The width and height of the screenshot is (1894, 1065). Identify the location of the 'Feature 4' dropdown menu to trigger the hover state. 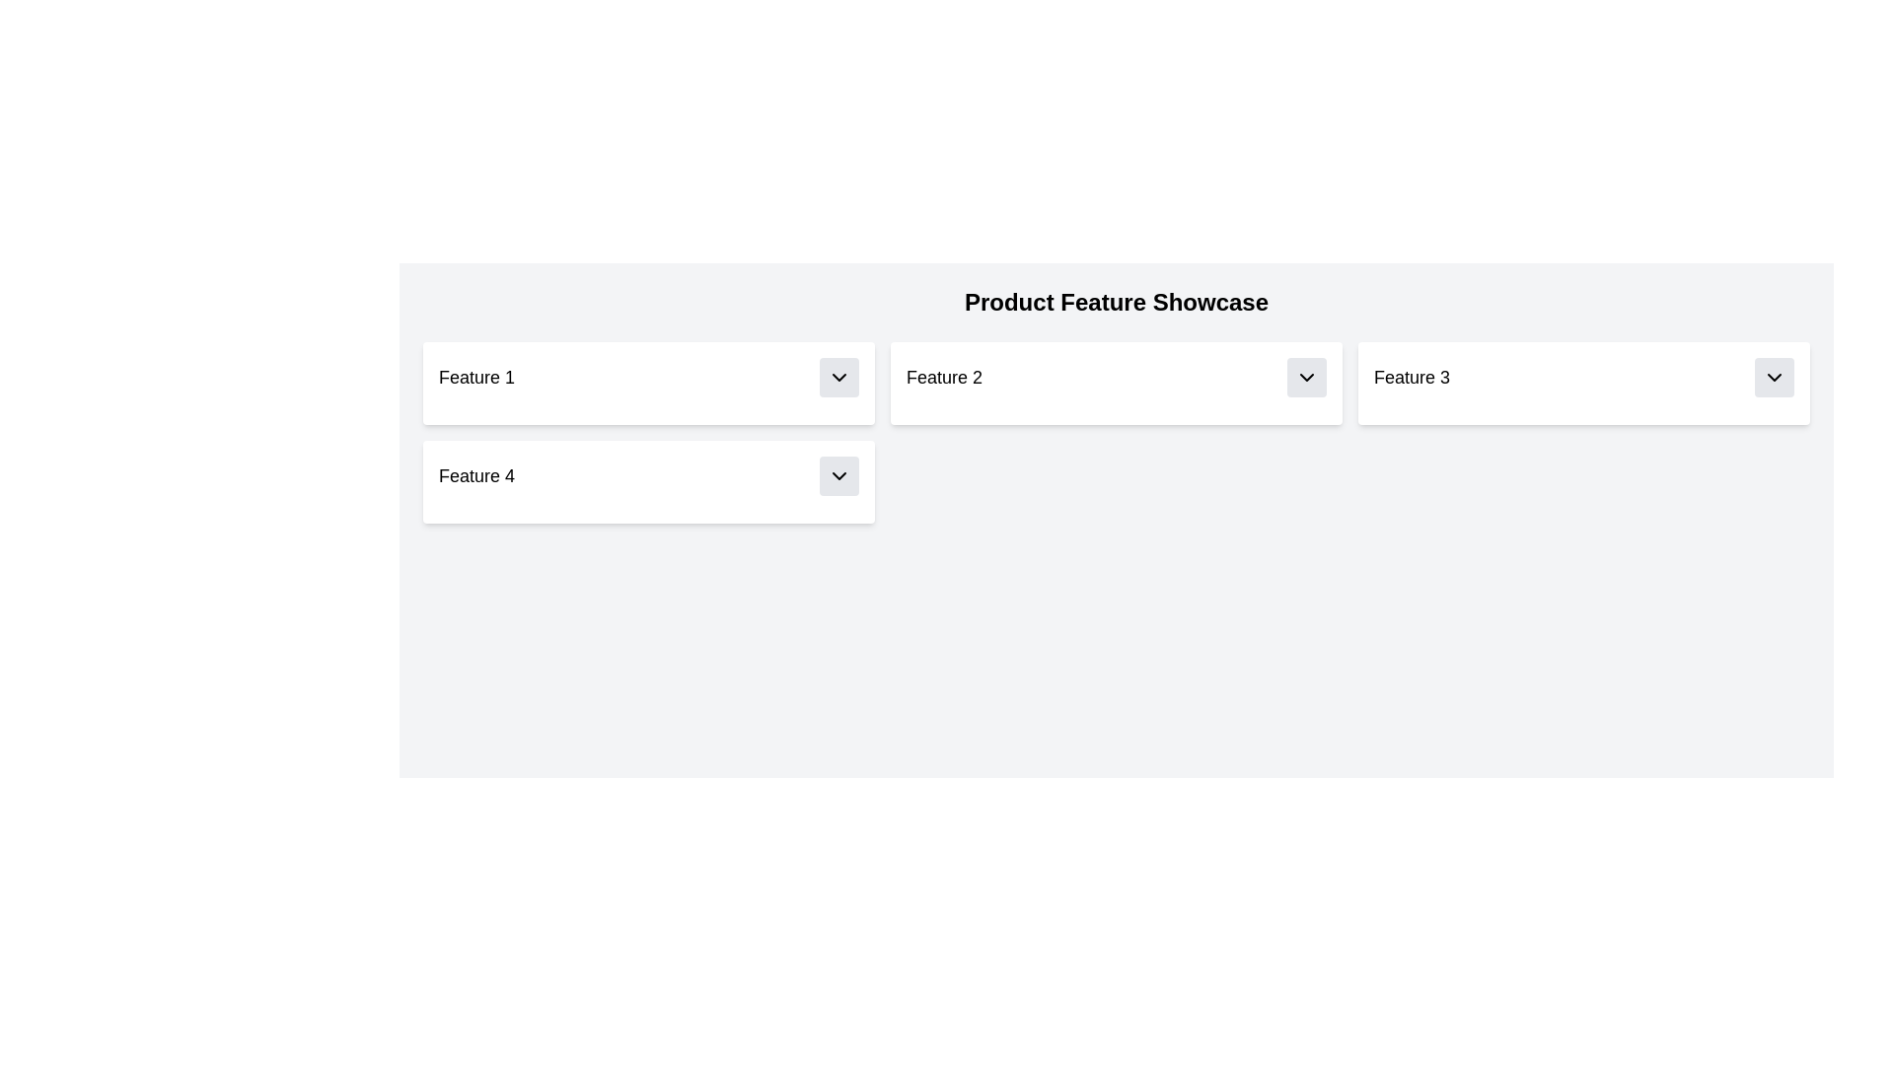
(648, 475).